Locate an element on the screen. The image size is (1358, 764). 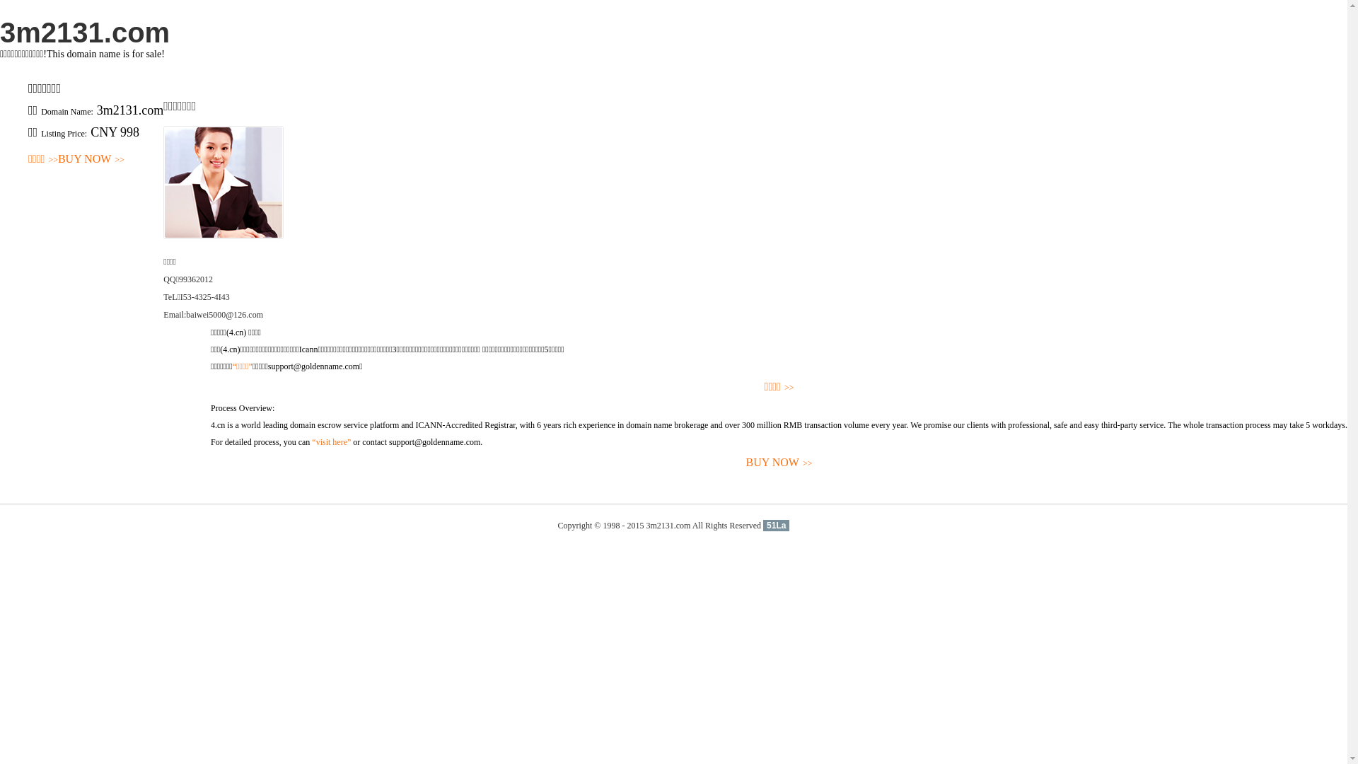
'51La' is located at coordinates (775, 526).